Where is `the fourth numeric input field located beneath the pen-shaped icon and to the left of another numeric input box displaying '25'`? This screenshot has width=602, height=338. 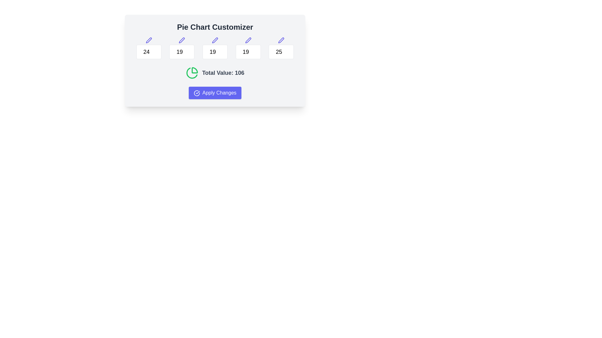
the fourth numeric input field located beneath the pen-shaped icon and to the left of another numeric input box displaying '25' is located at coordinates (248, 51).